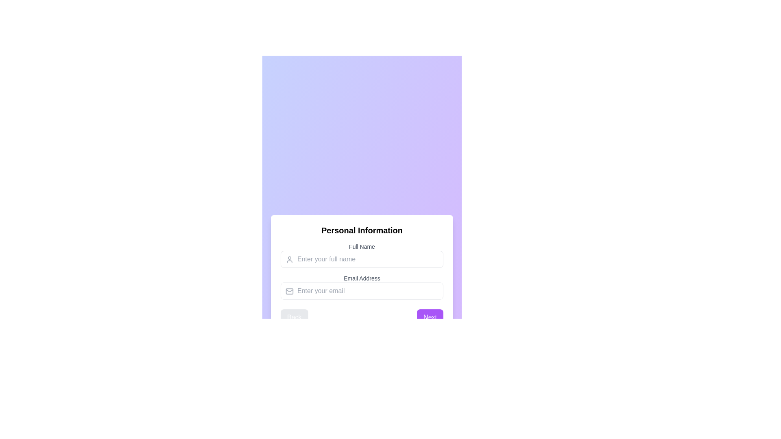  What do you see at coordinates (430, 317) in the screenshot?
I see `the 'Next' button with purple background and white text` at bounding box center [430, 317].